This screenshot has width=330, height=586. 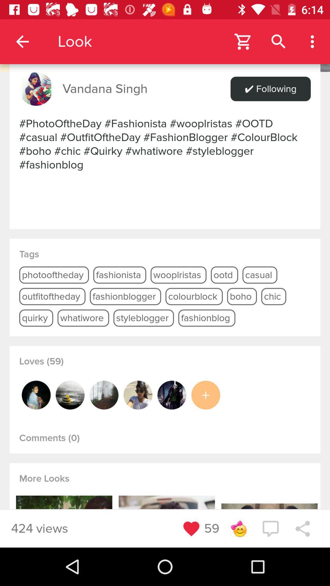 What do you see at coordinates (270, 528) in the screenshot?
I see `the chat icon` at bounding box center [270, 528].